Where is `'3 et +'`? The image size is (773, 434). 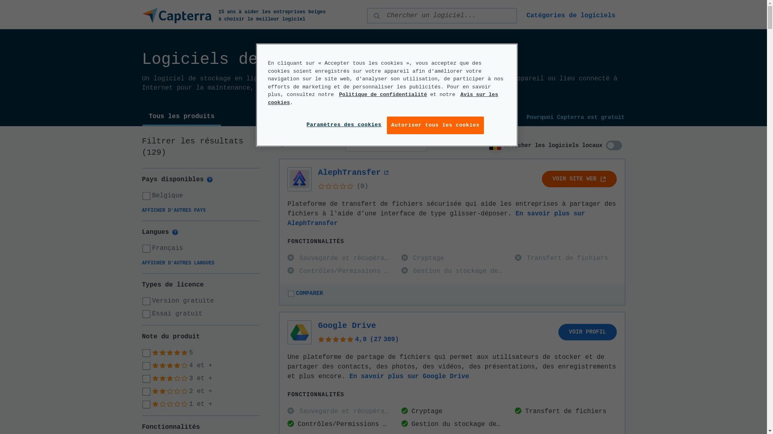
'3 et +' is located at coordinates (200, 378).